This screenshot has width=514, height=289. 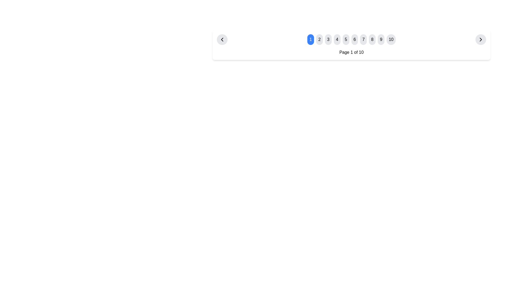 I want to click on the circular blue button with white text '1', so click(x=311, y=39).